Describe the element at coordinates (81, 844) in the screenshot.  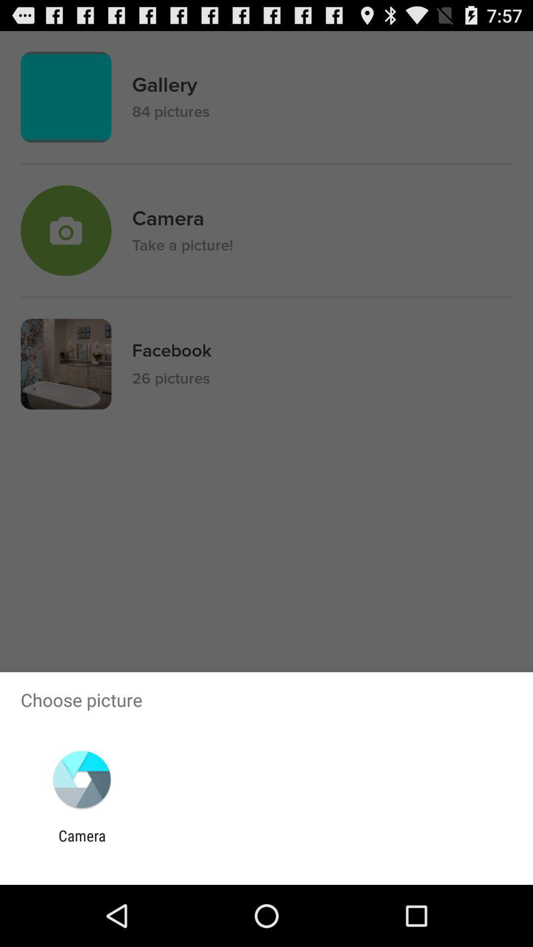
I see `camera` at that location.